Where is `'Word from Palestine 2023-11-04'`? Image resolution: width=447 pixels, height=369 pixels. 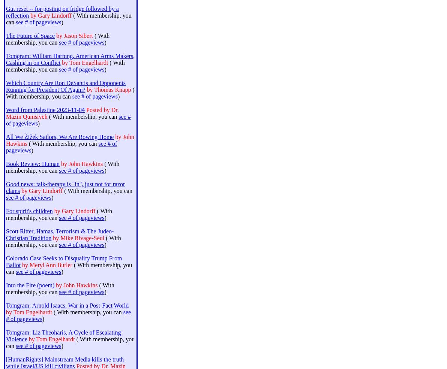
'Word from Palestine 2023-11-04' is located at coordinates (45, 109).